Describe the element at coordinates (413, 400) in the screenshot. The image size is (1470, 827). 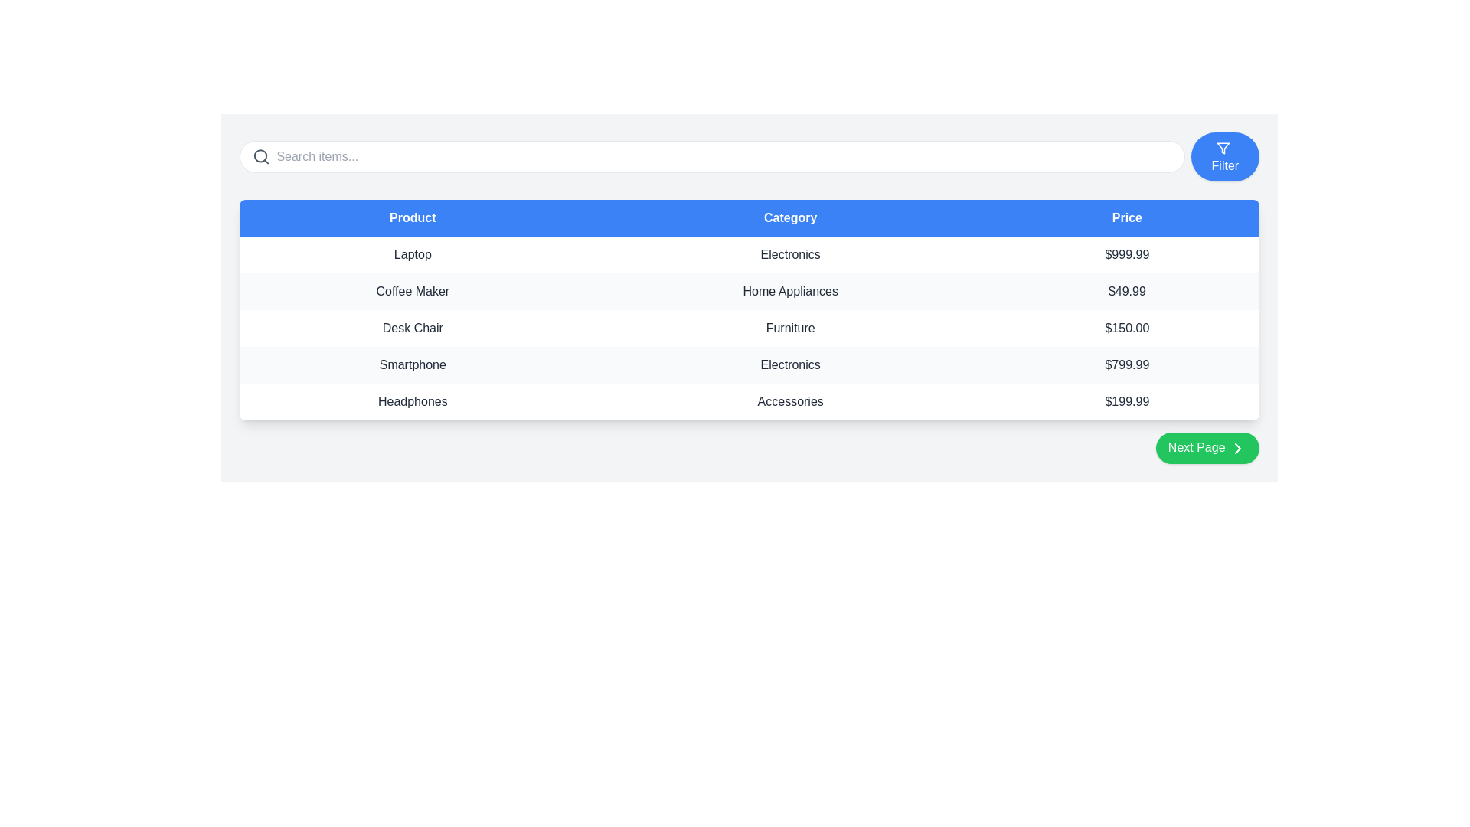
I see `the text label 'Headphones' located in the first column of the fifth row in a tabular arrangement` at that location.